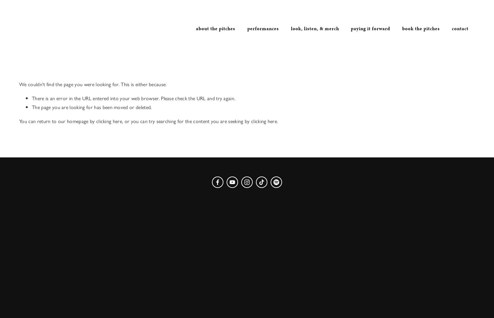 The height and width of the screenshot is (318, 494). What do you see at coordinates (122, 121) in the screenshot?
I see `', or you can try searching for the
  content you are seeking by'` at bounding box center [122, 121].